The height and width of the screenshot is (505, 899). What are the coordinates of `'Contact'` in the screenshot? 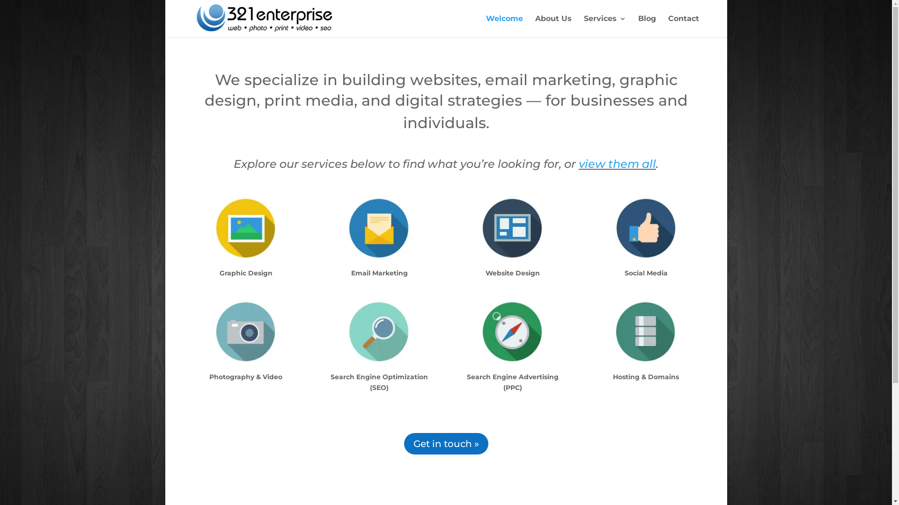 It's located at (683, 26).